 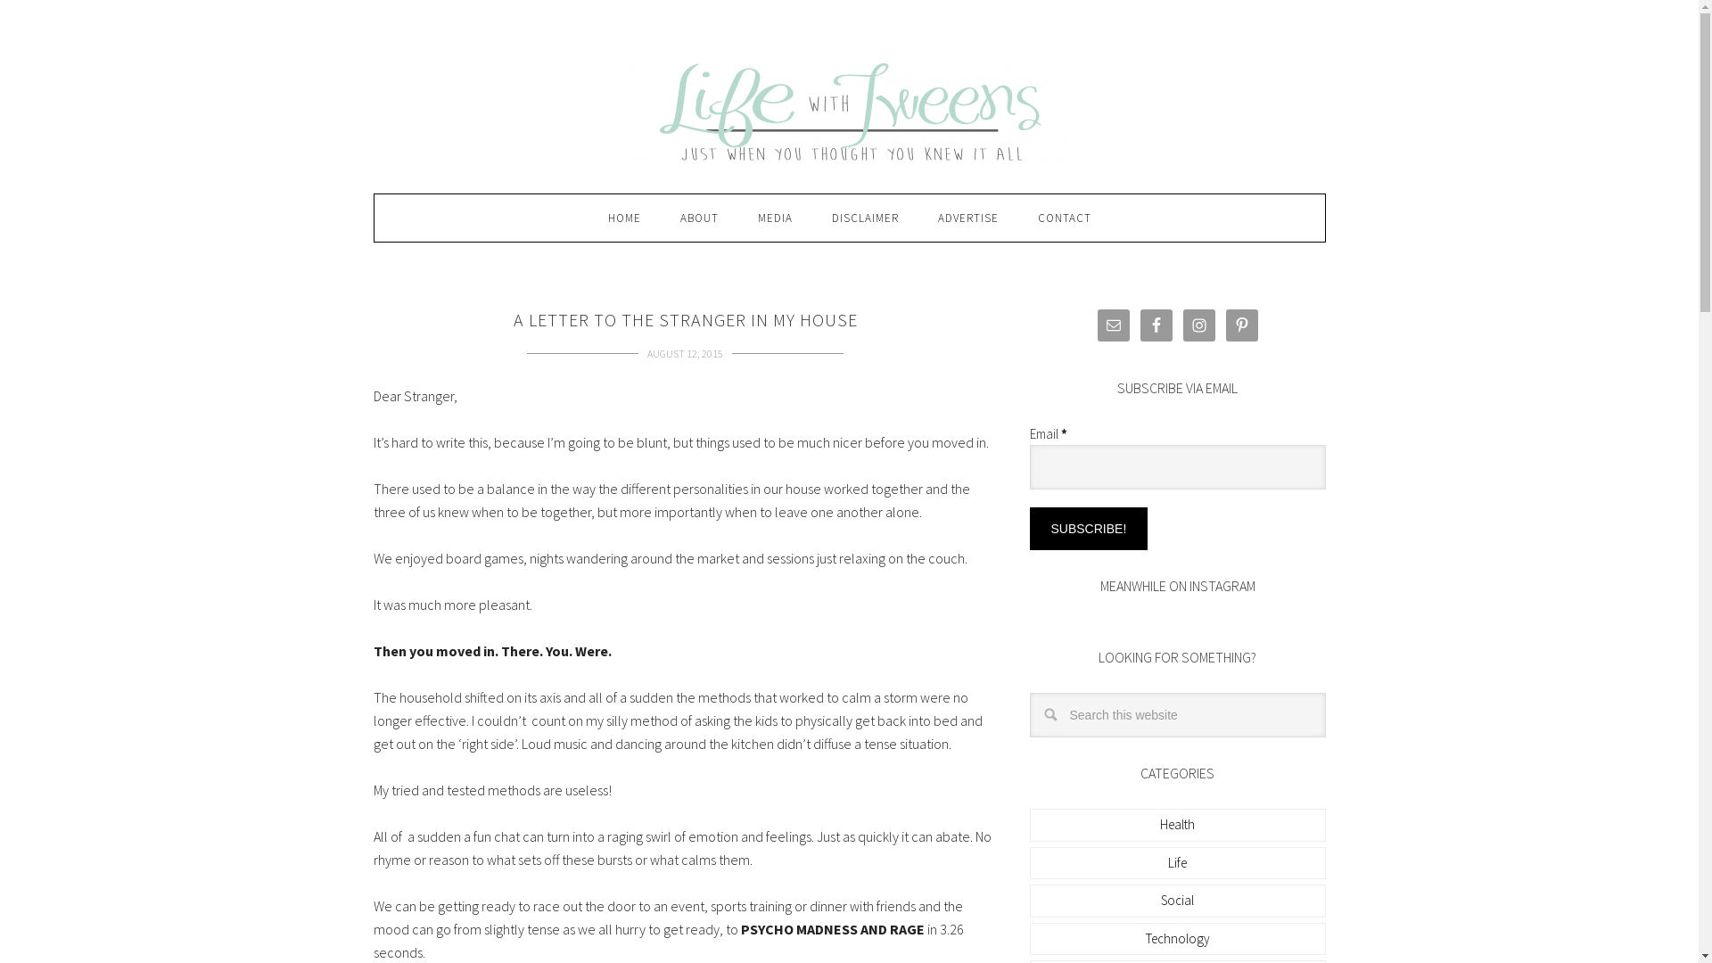 What do you see at coordinates (1177, 824) in the screenshot?
I see `'Health'` at bounding box center [1177, 824].